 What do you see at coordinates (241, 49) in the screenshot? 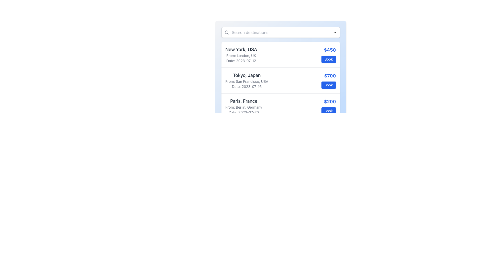
I see `the Text Label displaying 'New York, USA', which is positioned in the top-left corner of the listing, above 'From: London, UK' and 'Date: 2023-07-12'` at bounding box center [241, 49].